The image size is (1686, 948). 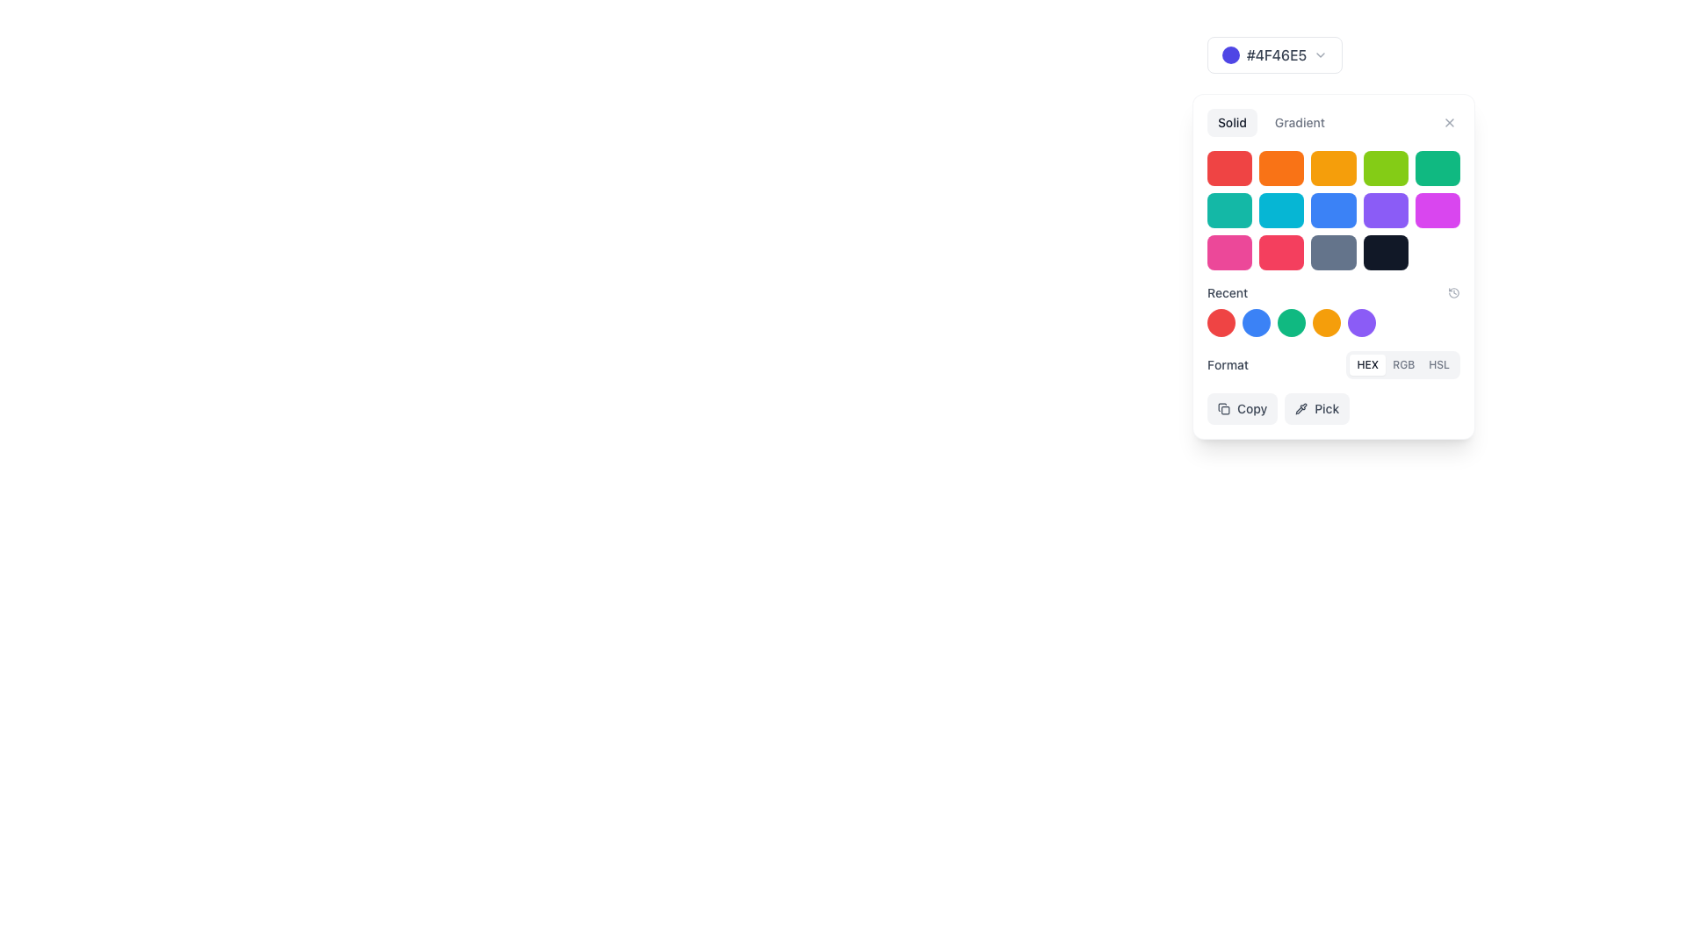 I want to click on the button located in the fifth column of the third row of the grid, so click(x=1437, y=253).